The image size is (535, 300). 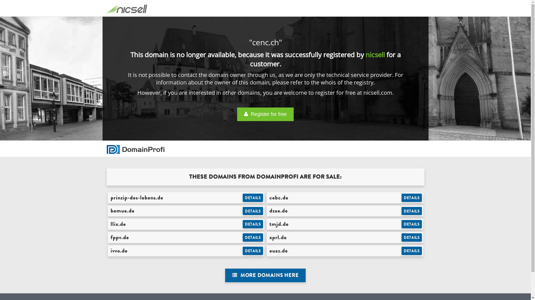 What do you see at coordinates (412, 251) in the screenshot?
I see `'DETAILS'` at bounding box center [412, 251].